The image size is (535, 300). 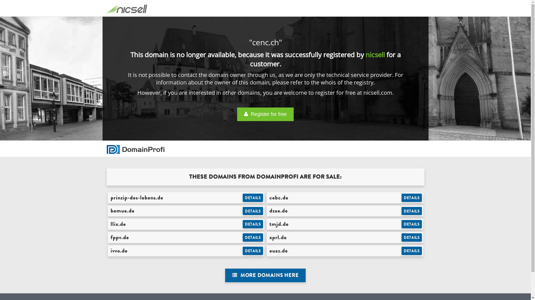 What do you see at coordinates (412, 251) in the screenshot?
I see `'DETAILS'` at bounding box center [412, 251].